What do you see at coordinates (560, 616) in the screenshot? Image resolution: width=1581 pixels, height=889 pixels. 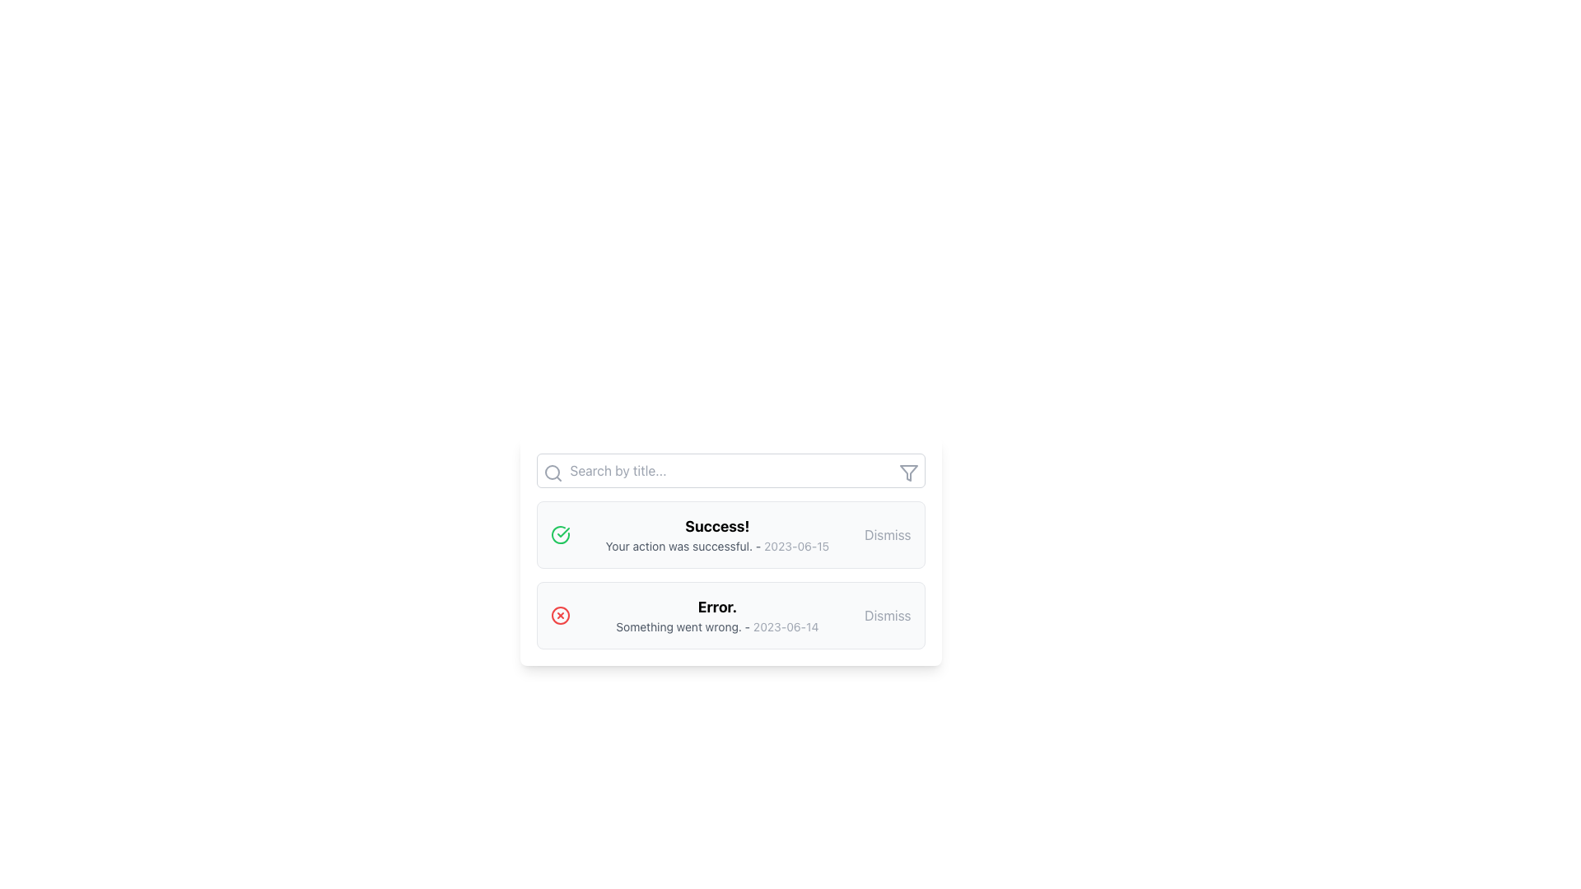 I see `the error status icon located to the left of the error message 'Something went wrong. - 2023-06-14.' within the notification card to acknowledge or dismiss the notification` at bounding box center [560, 616].